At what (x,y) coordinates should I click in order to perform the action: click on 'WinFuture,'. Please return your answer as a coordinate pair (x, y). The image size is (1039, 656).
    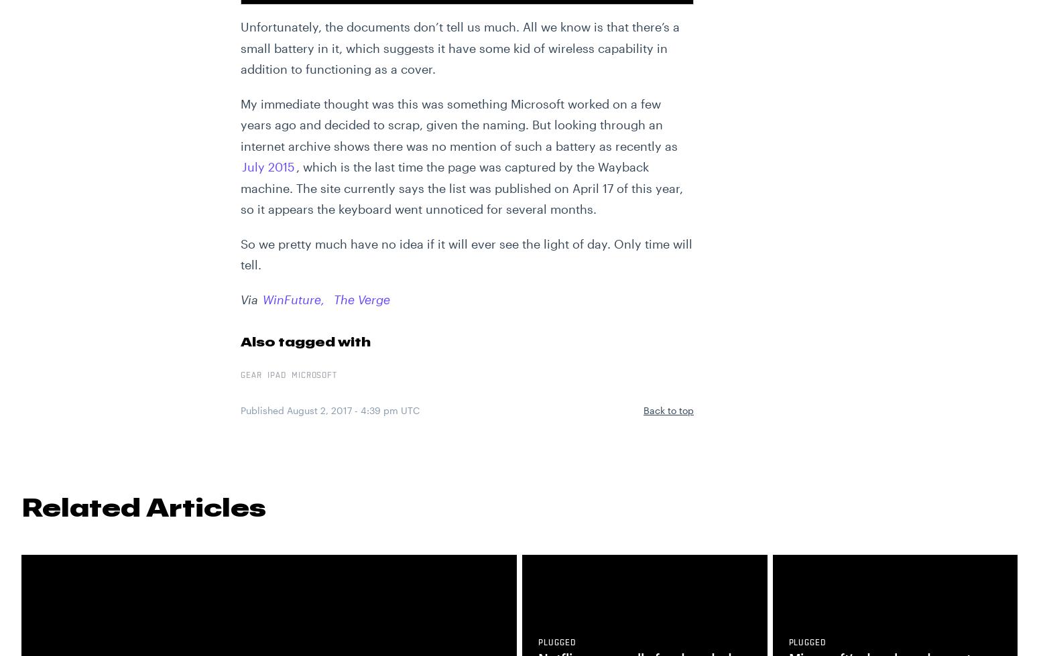
    Looking at the image, I should click on (296, 299).